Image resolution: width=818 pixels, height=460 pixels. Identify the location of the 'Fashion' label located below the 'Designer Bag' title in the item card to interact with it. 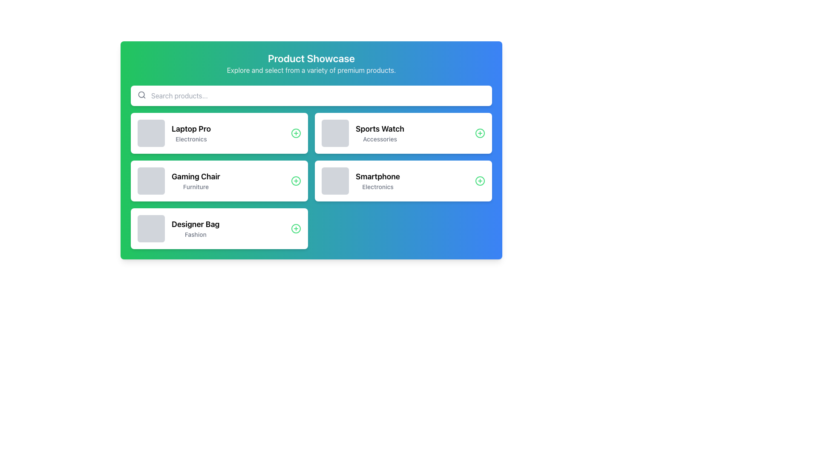
(195, 235).